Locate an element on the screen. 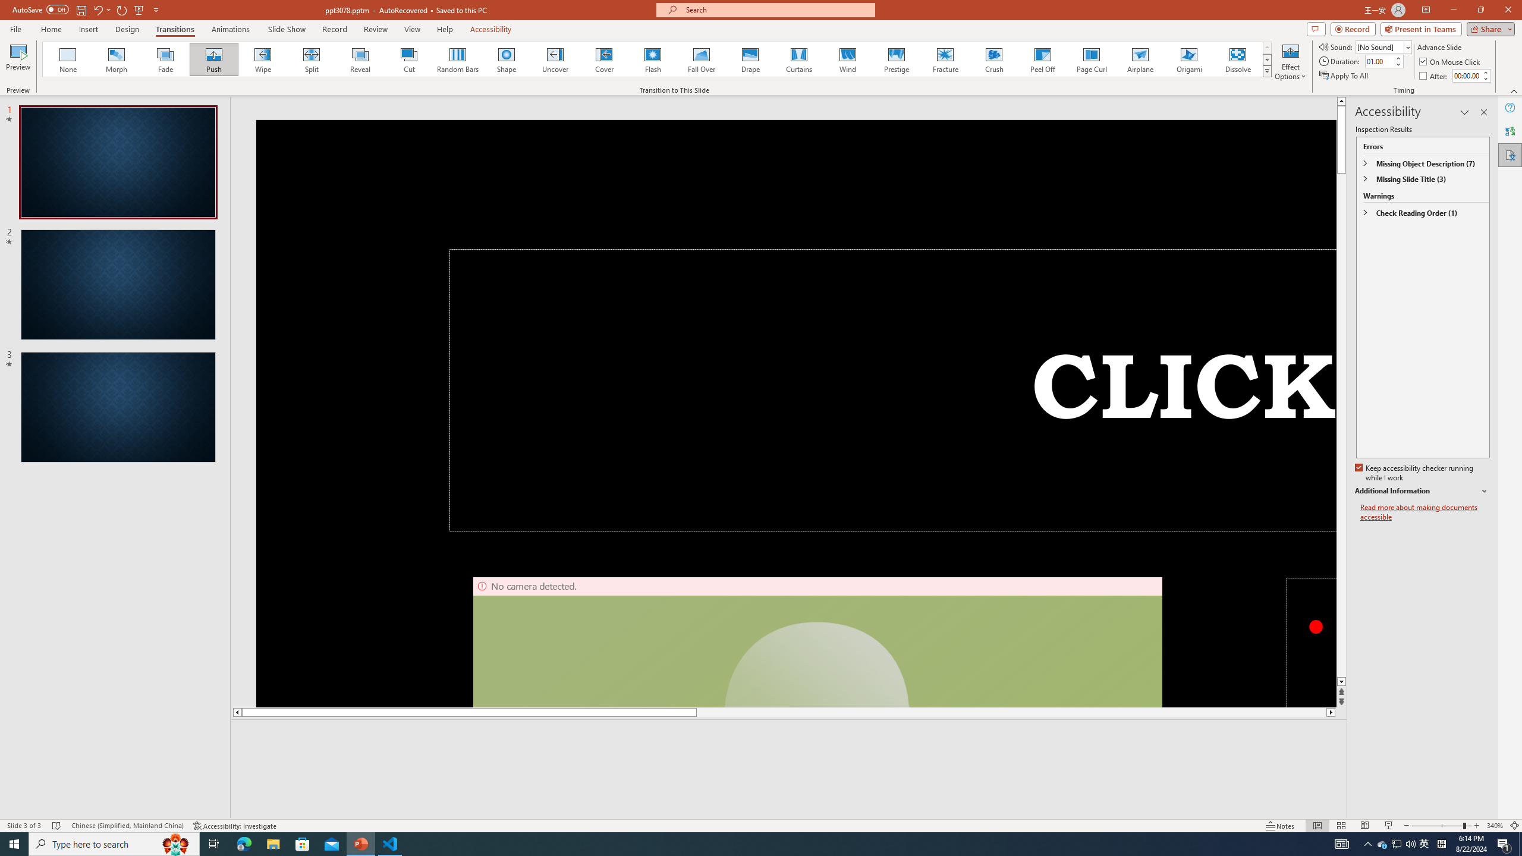  'Transition Effects' is located at coordinates (1267, 70).